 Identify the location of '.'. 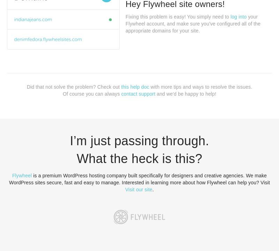
(152, 189).